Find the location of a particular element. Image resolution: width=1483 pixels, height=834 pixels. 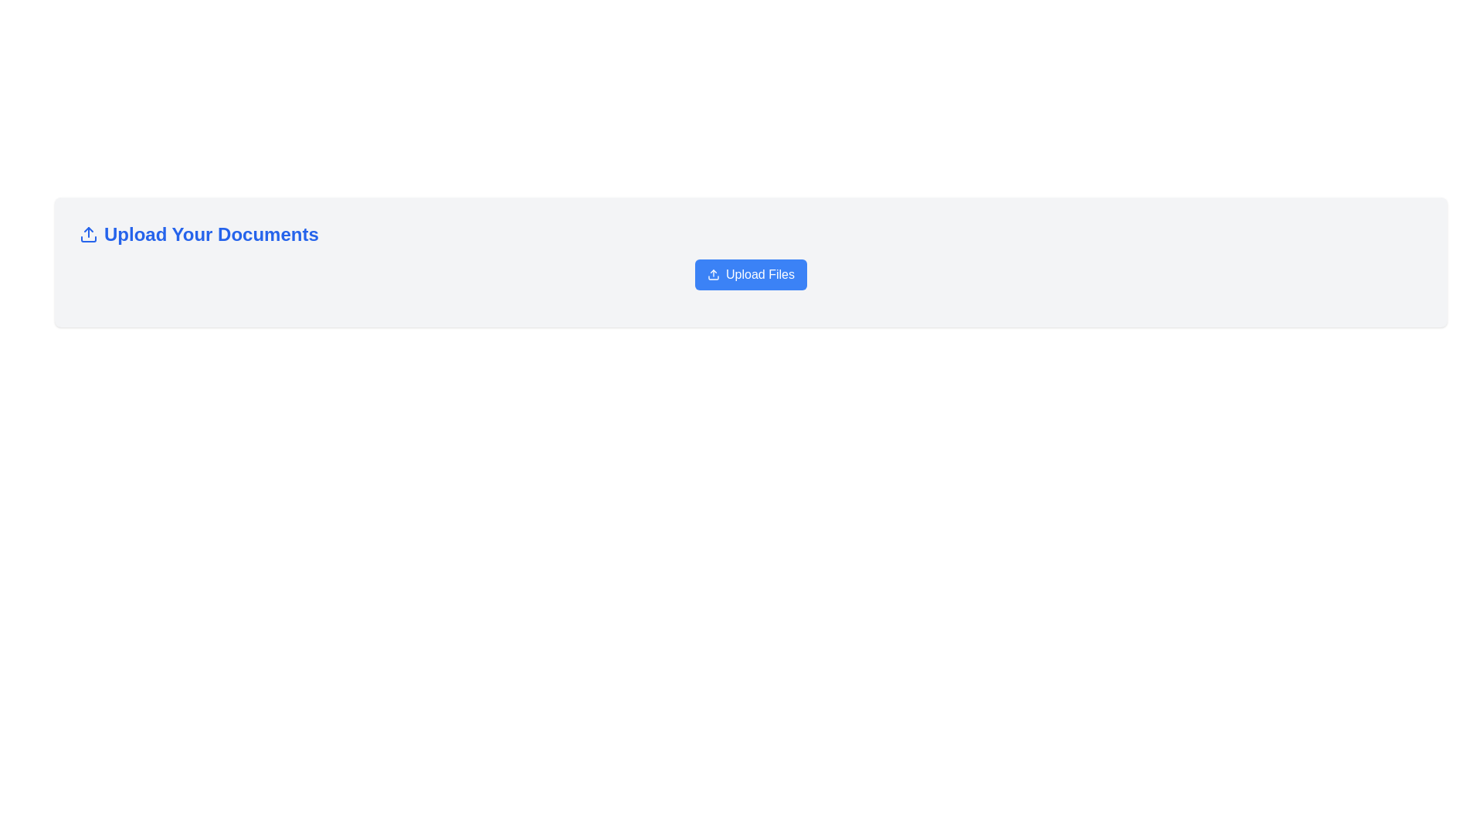

the blue upload icon, which is located to the left of the text 'Upload Your Documents' is located at coordinates (88, 235).